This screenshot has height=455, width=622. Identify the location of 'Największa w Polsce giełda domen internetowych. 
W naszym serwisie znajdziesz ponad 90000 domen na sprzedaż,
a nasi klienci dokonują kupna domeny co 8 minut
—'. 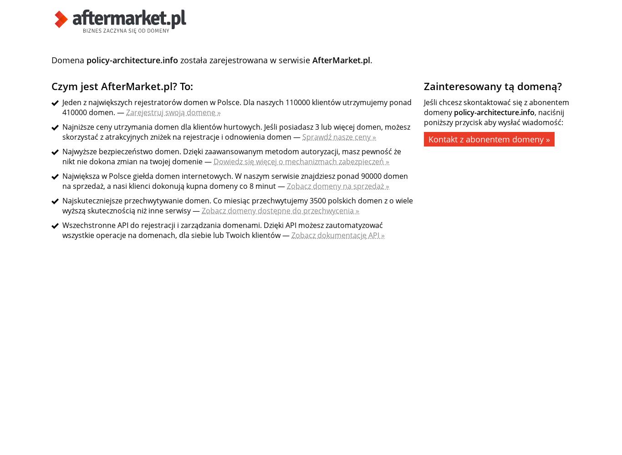
(62, 181).